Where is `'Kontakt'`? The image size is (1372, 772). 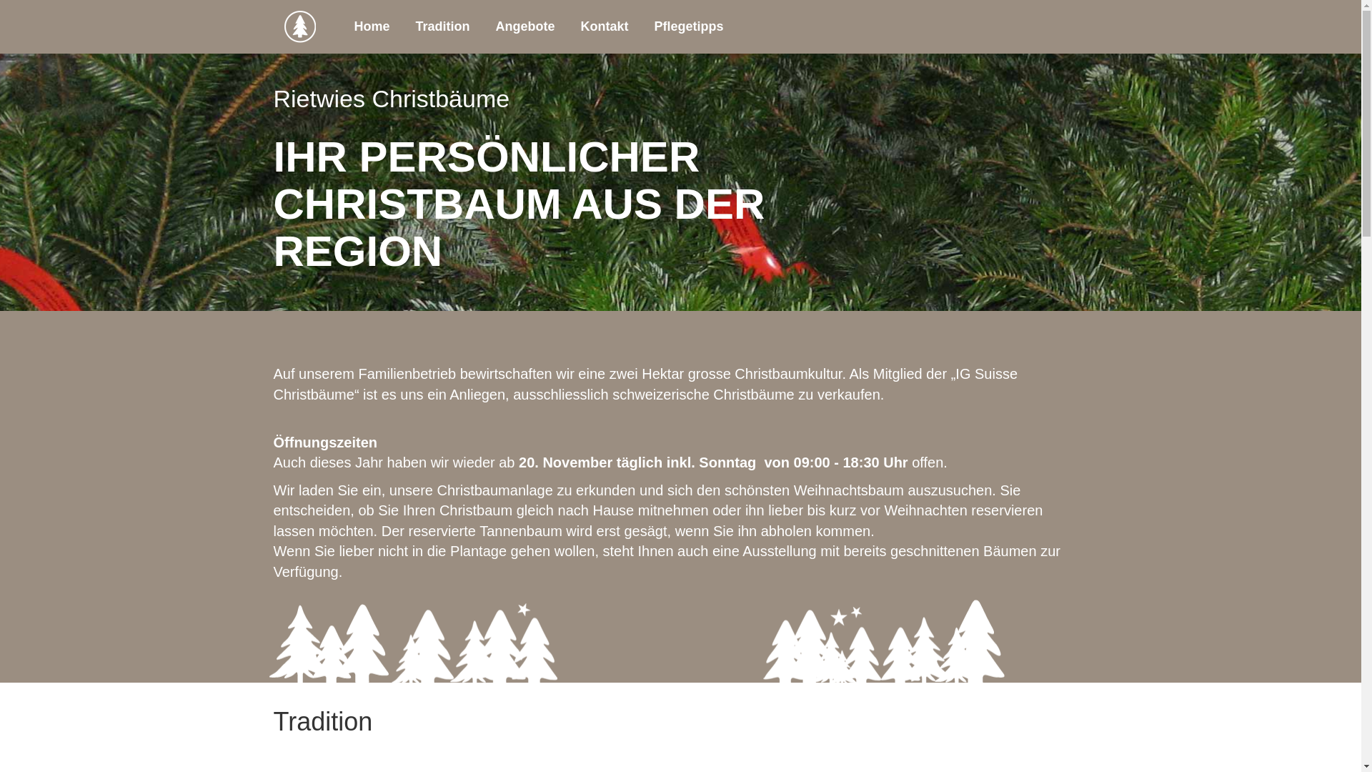
'Kontakt' is located at coordinates (605, 26).